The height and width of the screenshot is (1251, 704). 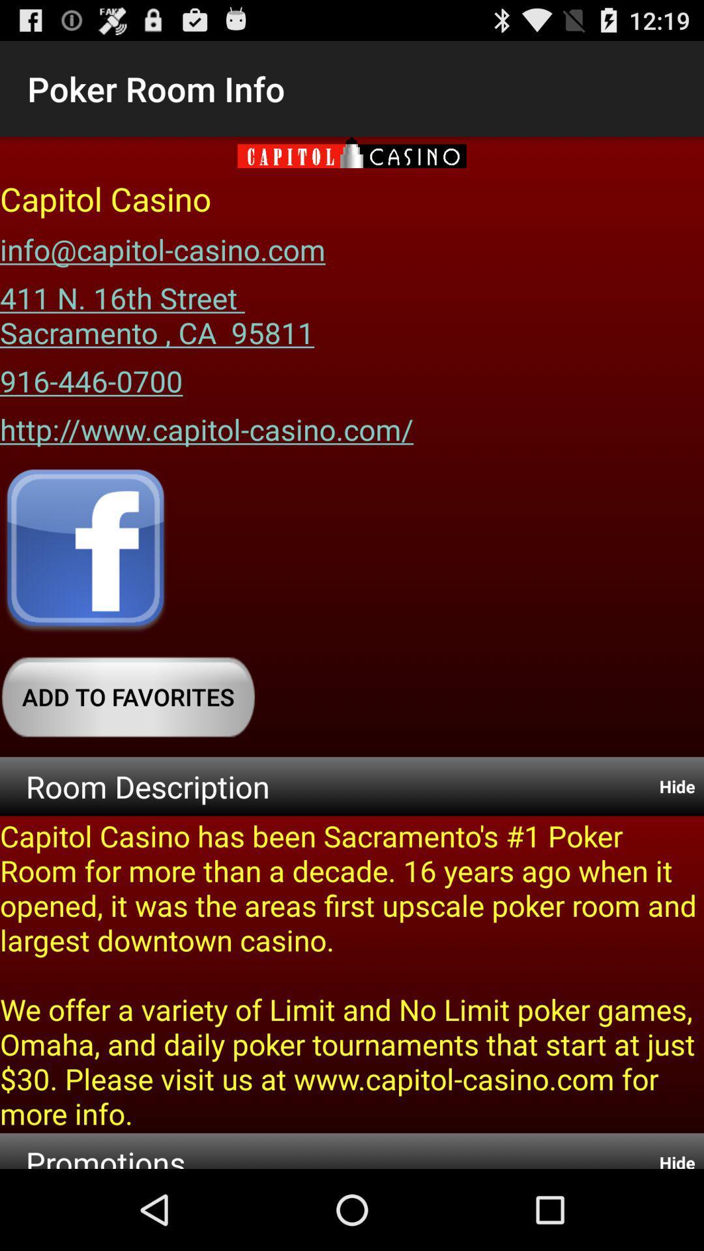 I want to click on the http www capitol item, so click(x=206, y=425).